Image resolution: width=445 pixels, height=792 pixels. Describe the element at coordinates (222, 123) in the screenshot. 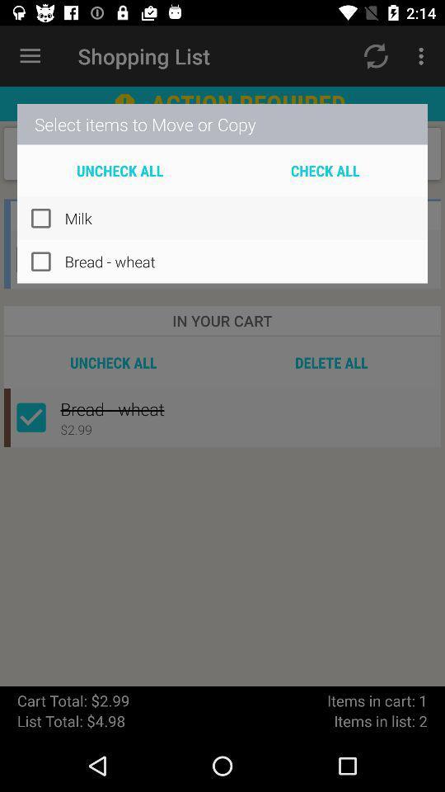

I see `select items to icon` at that location.